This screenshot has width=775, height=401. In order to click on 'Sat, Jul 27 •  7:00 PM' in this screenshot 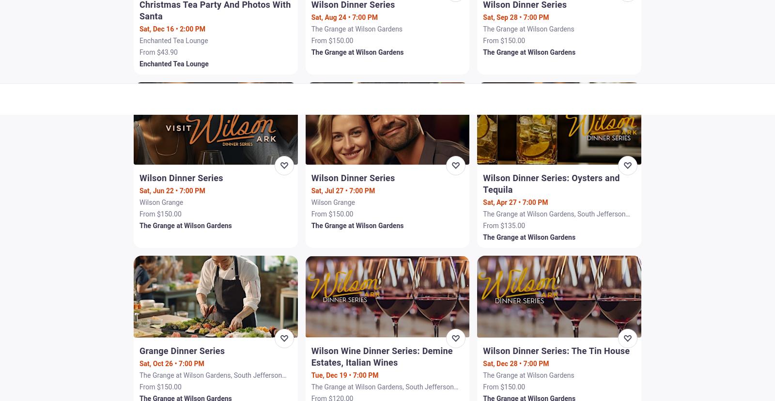, I will do `click(310, 189)`.